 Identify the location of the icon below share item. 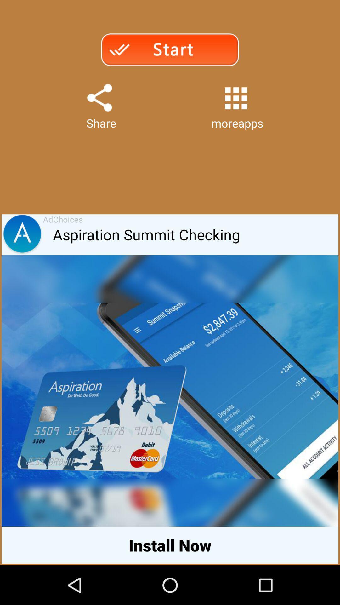
(195, 234).